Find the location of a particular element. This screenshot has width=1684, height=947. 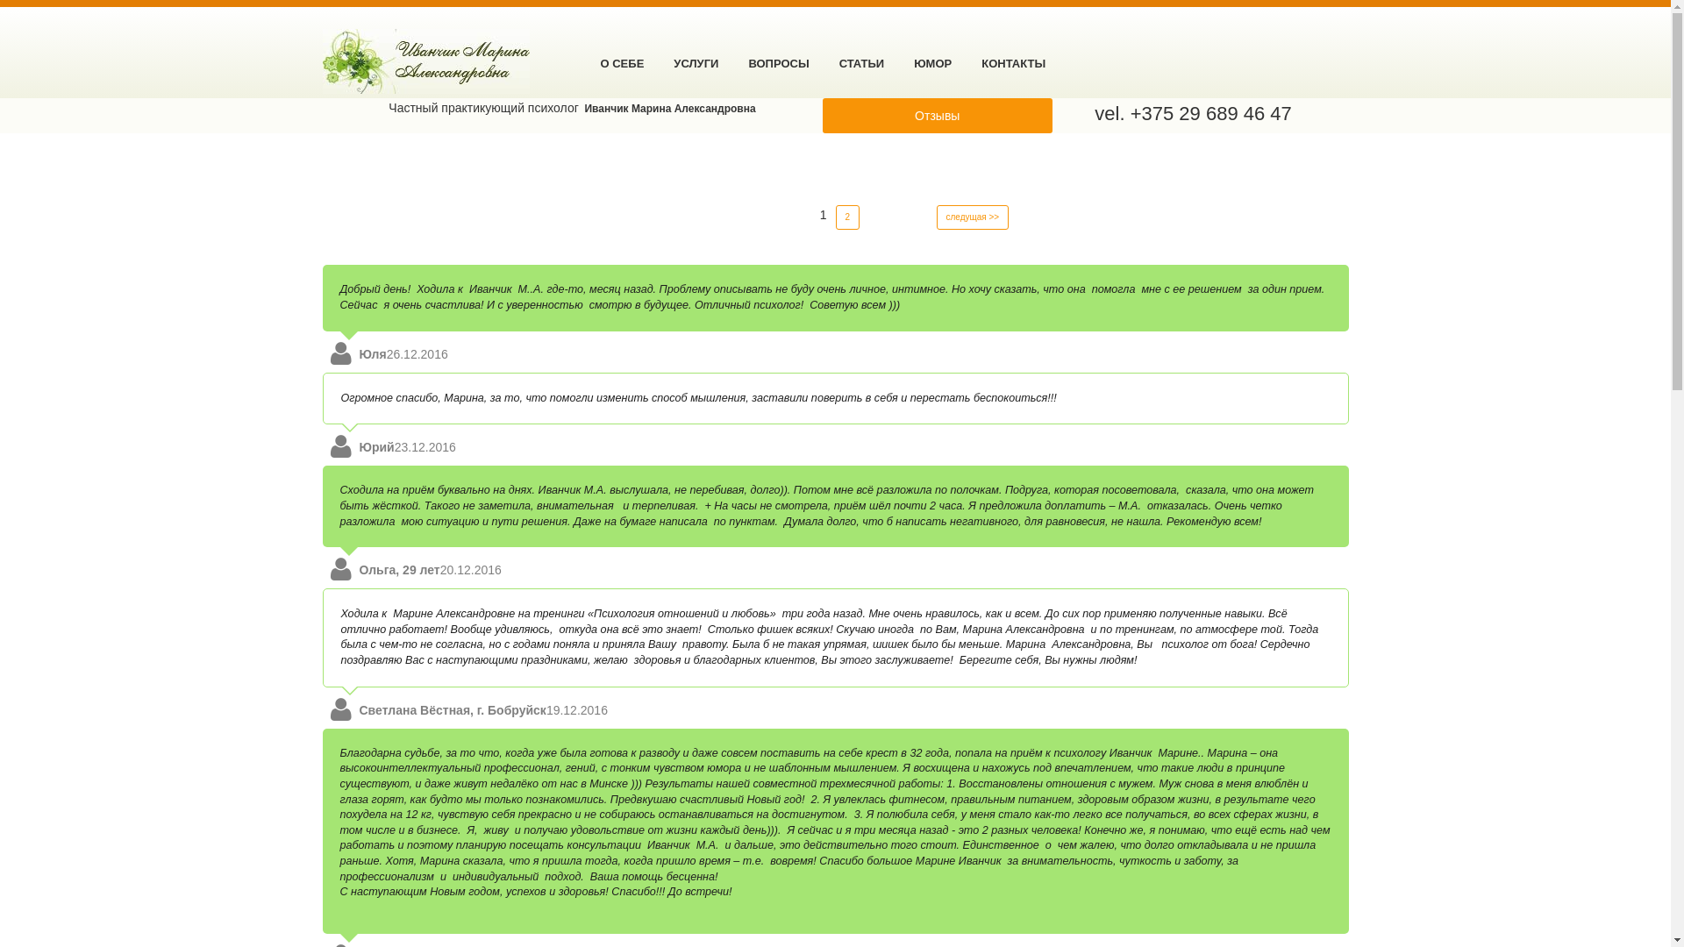

'20.12.2016' is located at coordinates (471, 570).